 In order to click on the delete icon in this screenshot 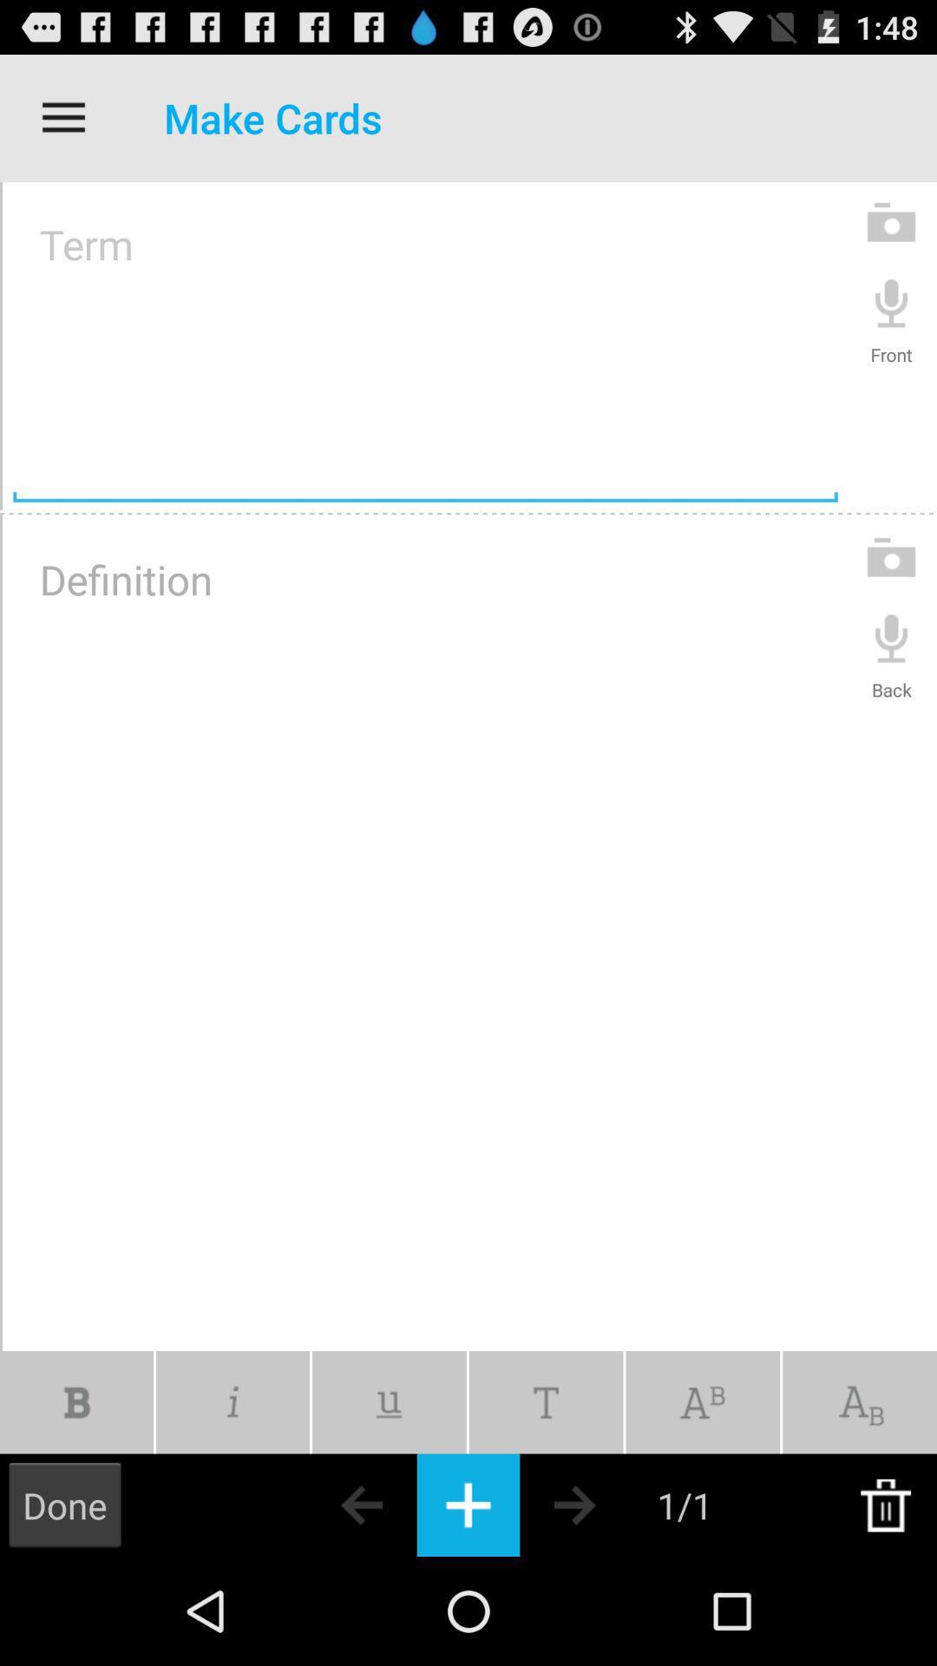, I will do `click(885, 1610)`.